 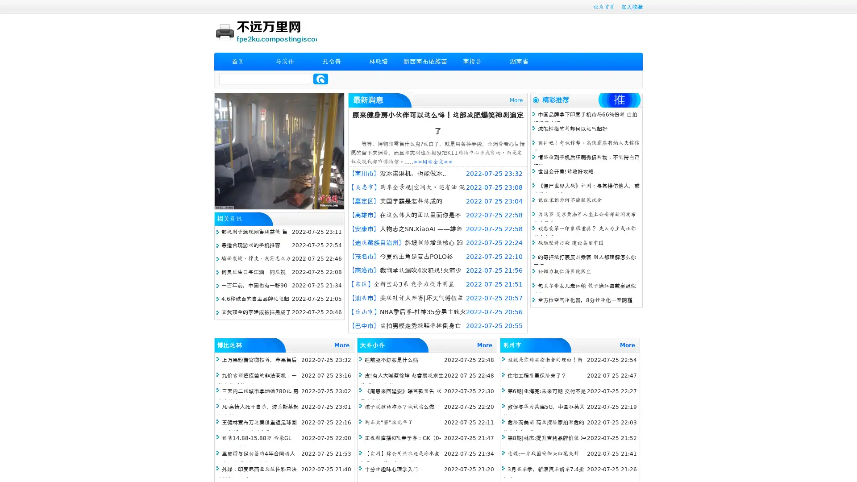 I want to click on Search, so click(x=320, y=79).